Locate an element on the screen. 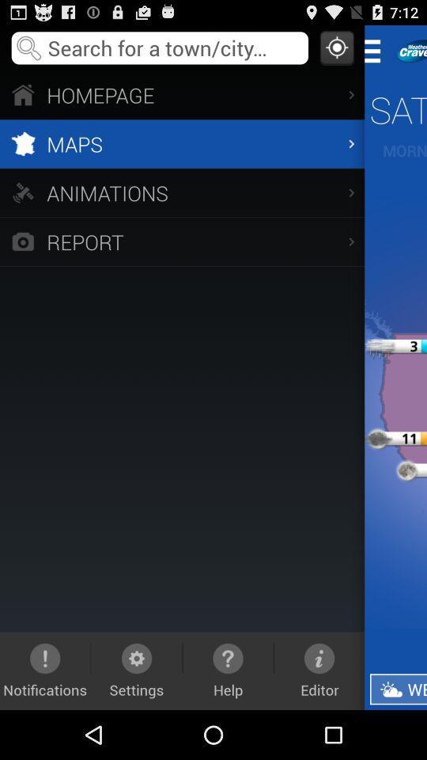 The height and width of the screenshot is (760, 427). my location is located at coordinates (336, 47).